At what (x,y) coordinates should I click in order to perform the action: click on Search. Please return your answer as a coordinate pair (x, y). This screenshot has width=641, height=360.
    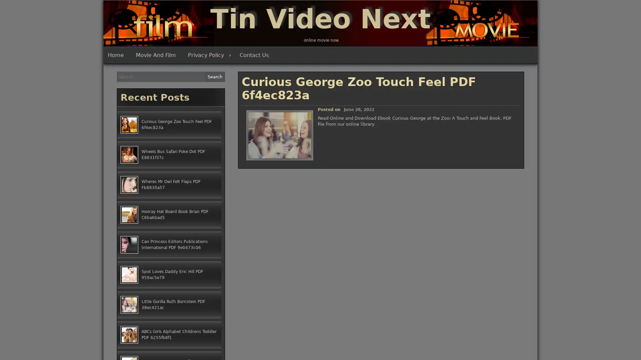
    Looking at the image, I should click on (215, 76).